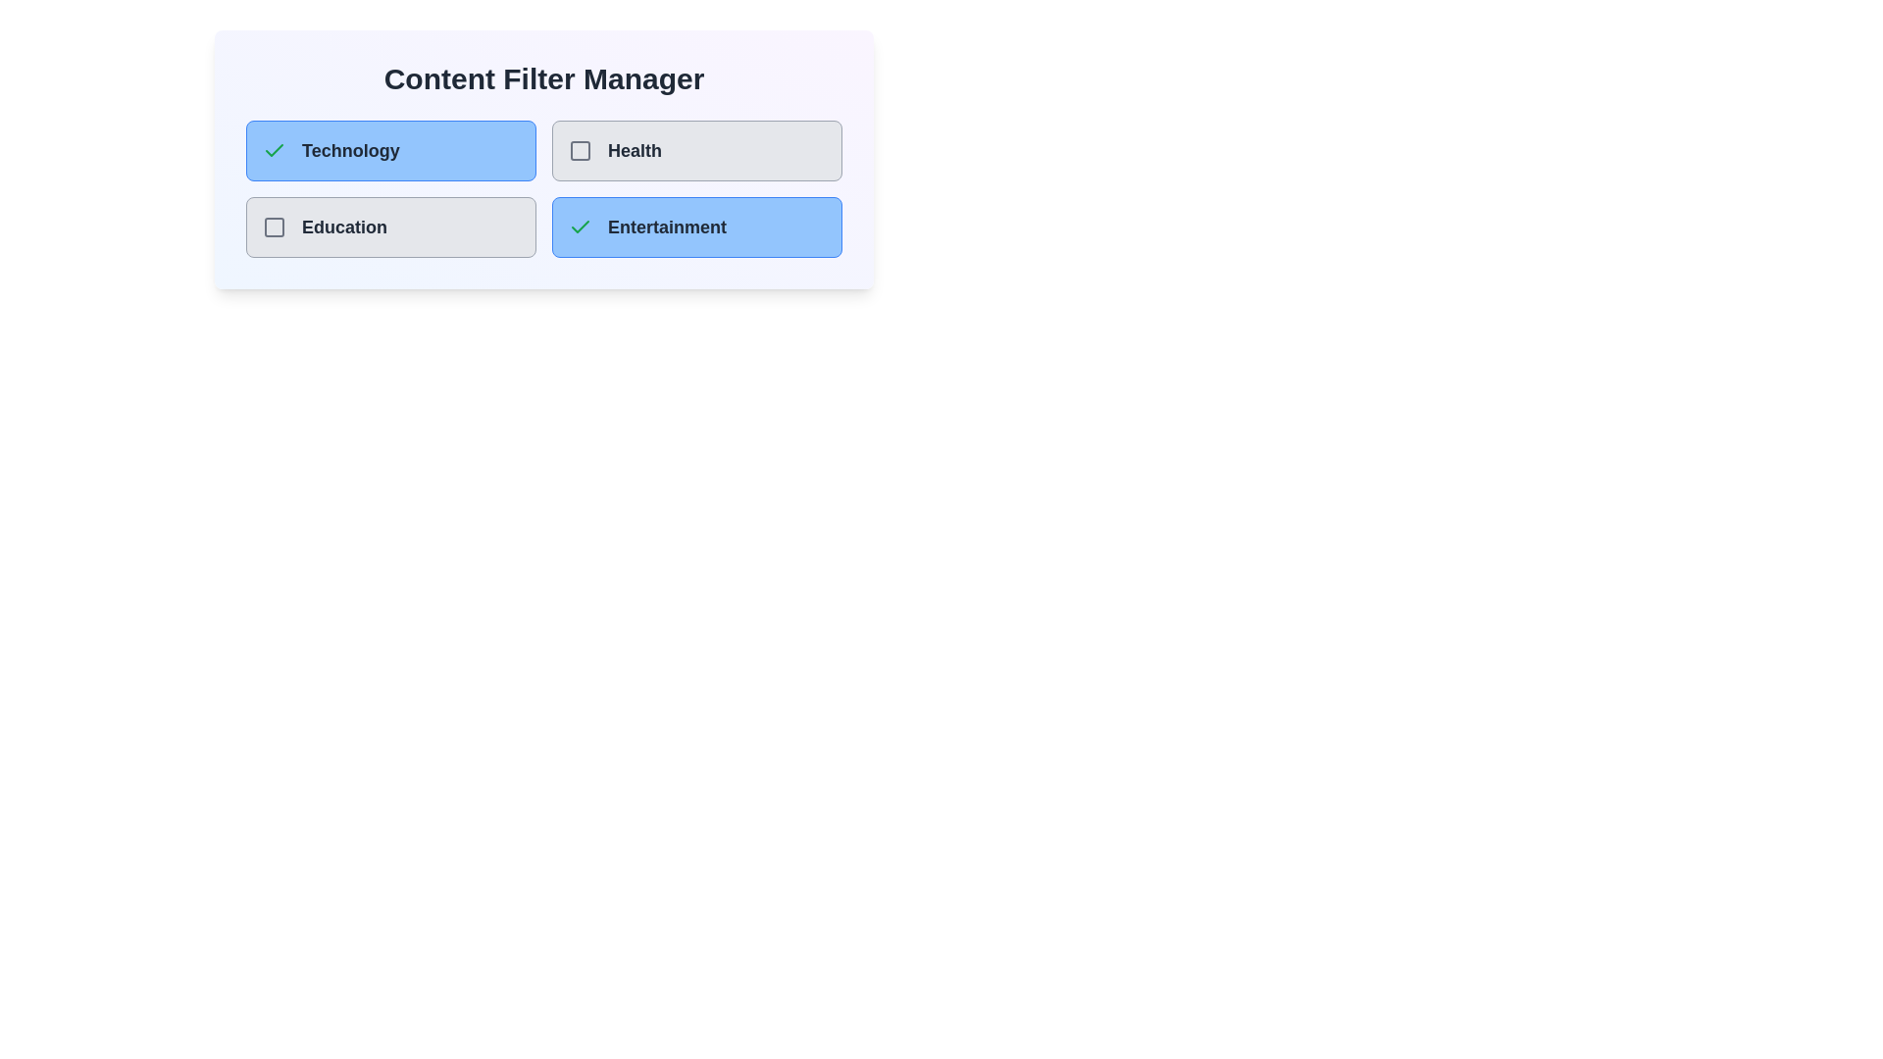 The image size is (1883, 1059). I want to click on the category Technology, so click(273, 150).